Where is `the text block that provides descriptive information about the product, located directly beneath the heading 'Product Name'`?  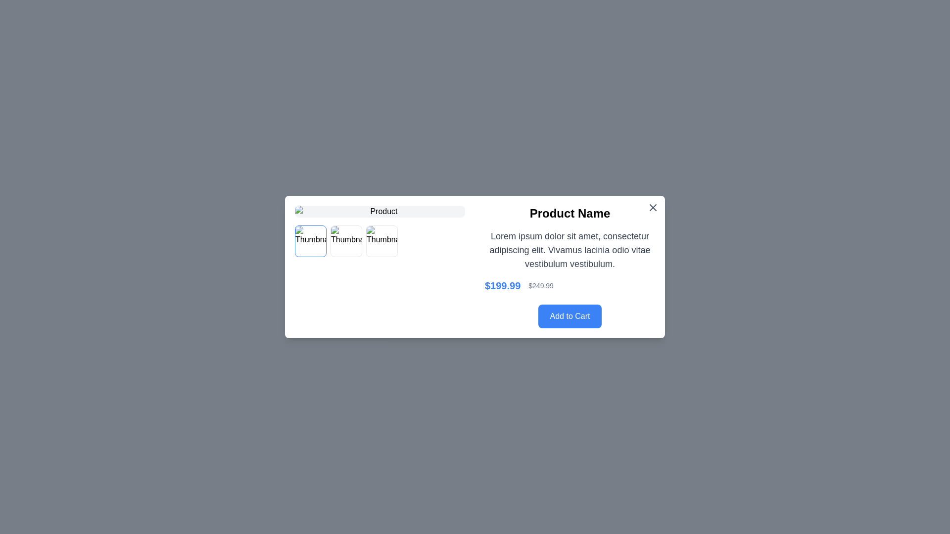 the text block that provides descriptive information about the product, located directly beneath the heading 'Product Name' is located at coordinates (570, 249).